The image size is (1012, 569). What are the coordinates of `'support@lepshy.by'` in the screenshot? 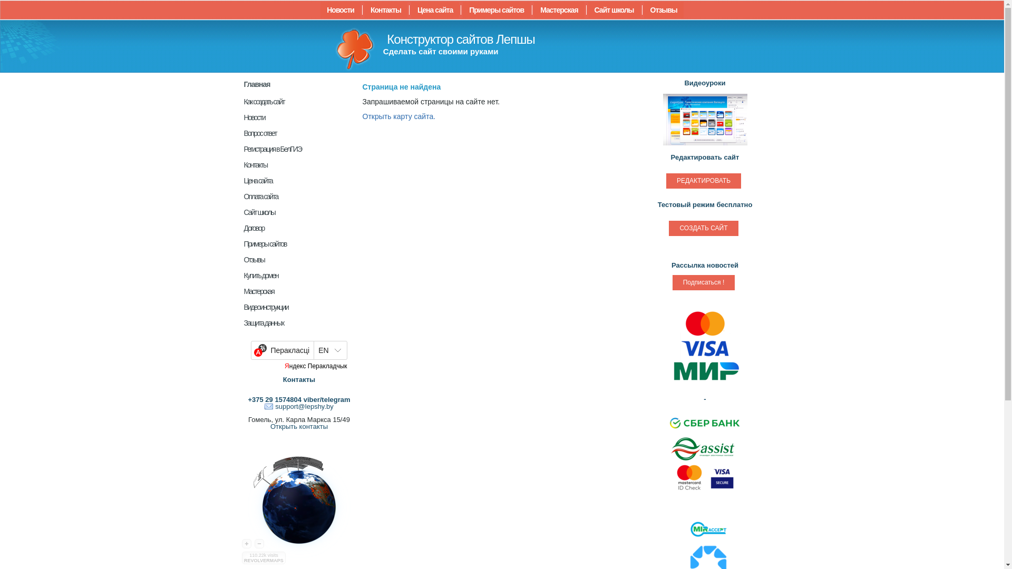 It's located at (298, 406).